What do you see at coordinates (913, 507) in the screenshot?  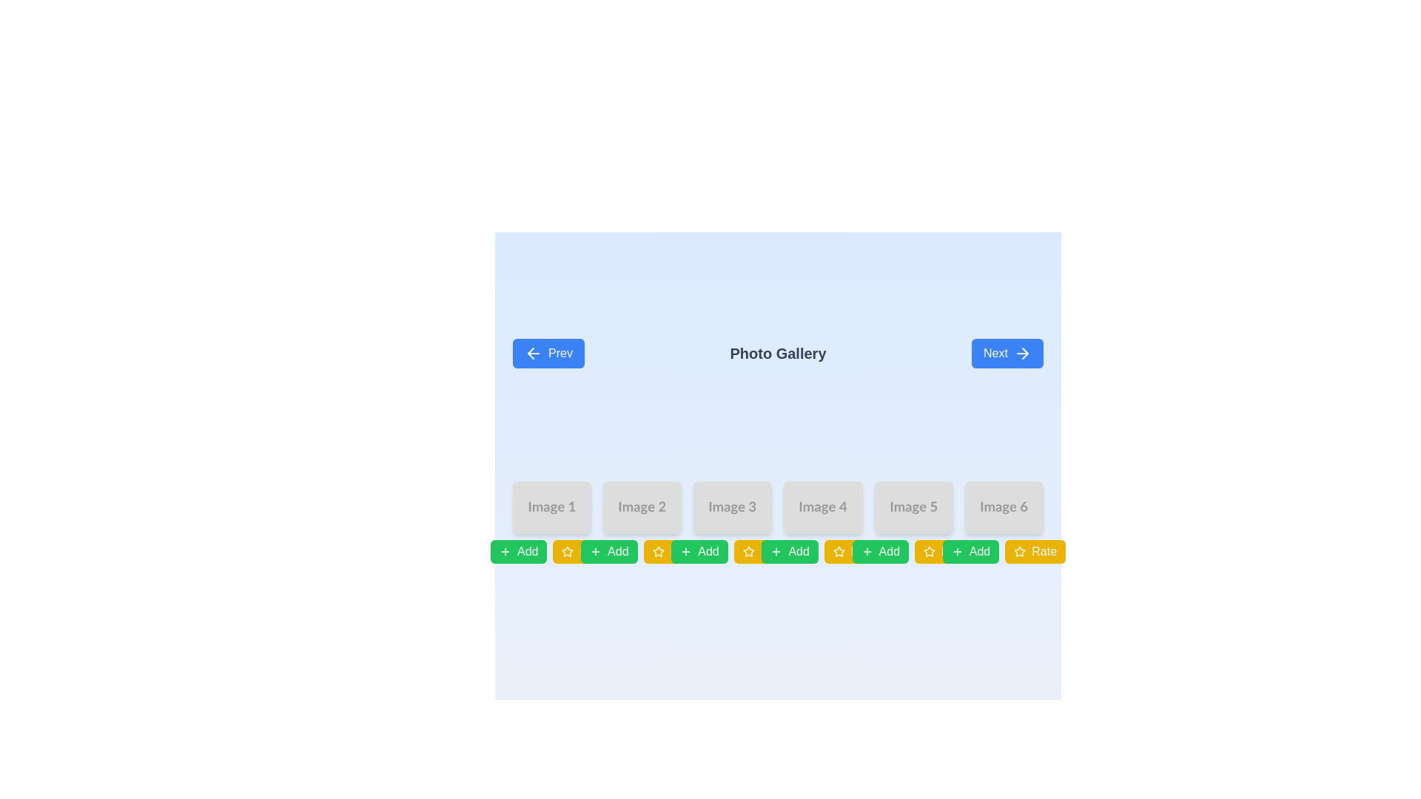 I see `the thumbnail image representing Image 5 in the gallery to trigger a tooltip` at bounding box center [913, 507].